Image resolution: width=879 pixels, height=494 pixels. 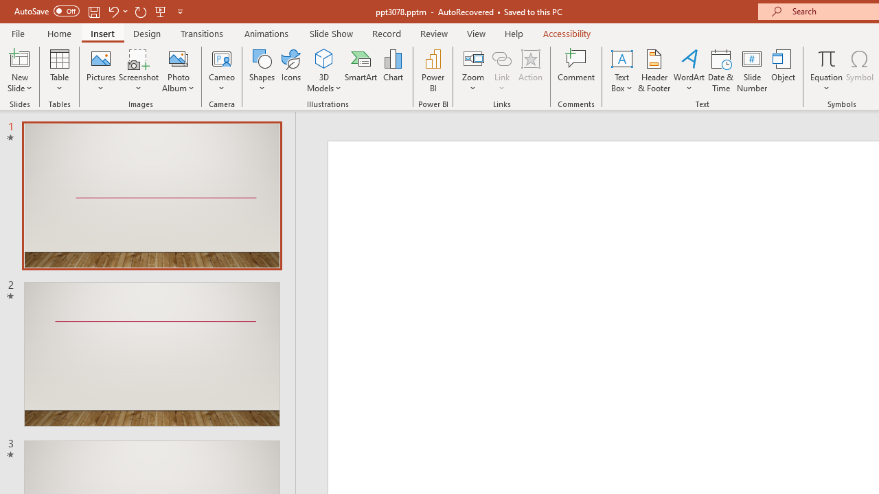 What do you see at coordinates (290, 71) in the screenshot?
I see `'Icons'` at bounding box center [290, 71].